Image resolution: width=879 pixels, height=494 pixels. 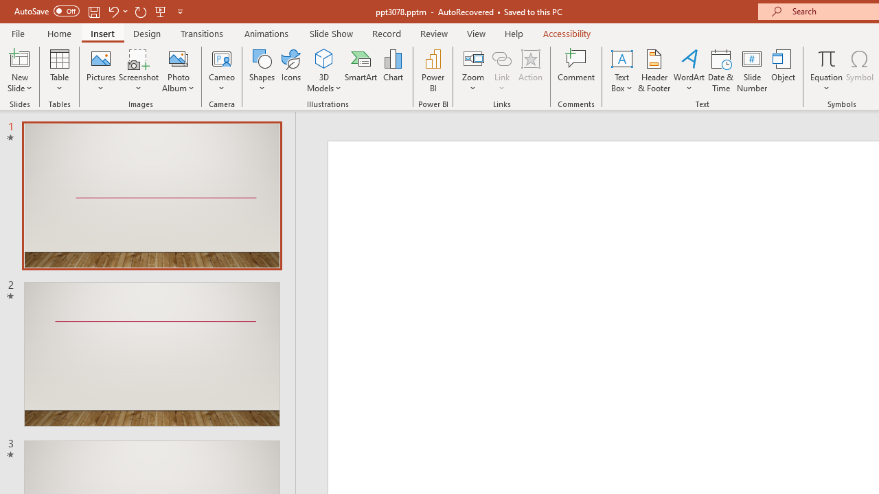 What do you see at coordinates (290, 71) in the screenshot?
I see `'Icons'` at bounding box center [290, 71].